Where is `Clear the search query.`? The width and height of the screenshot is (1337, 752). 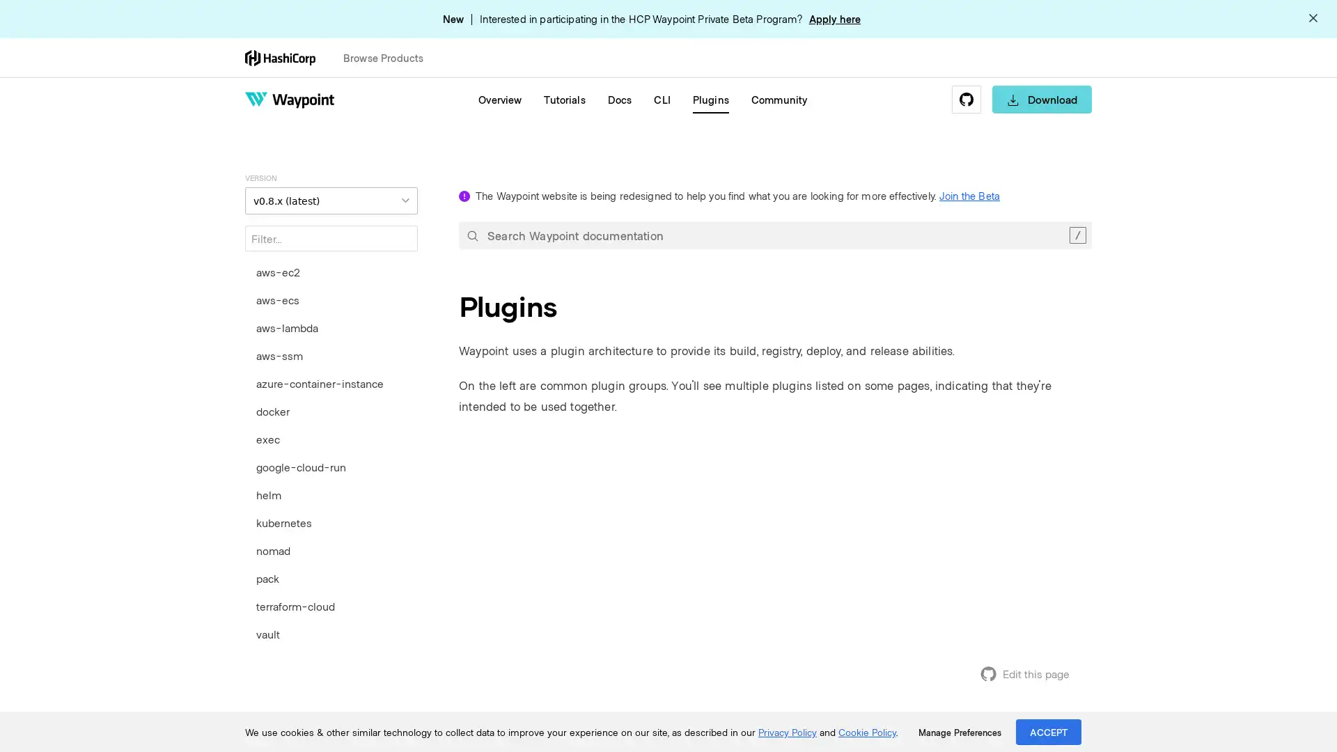
Clear the search query. is located at coordinates (1077, 235).